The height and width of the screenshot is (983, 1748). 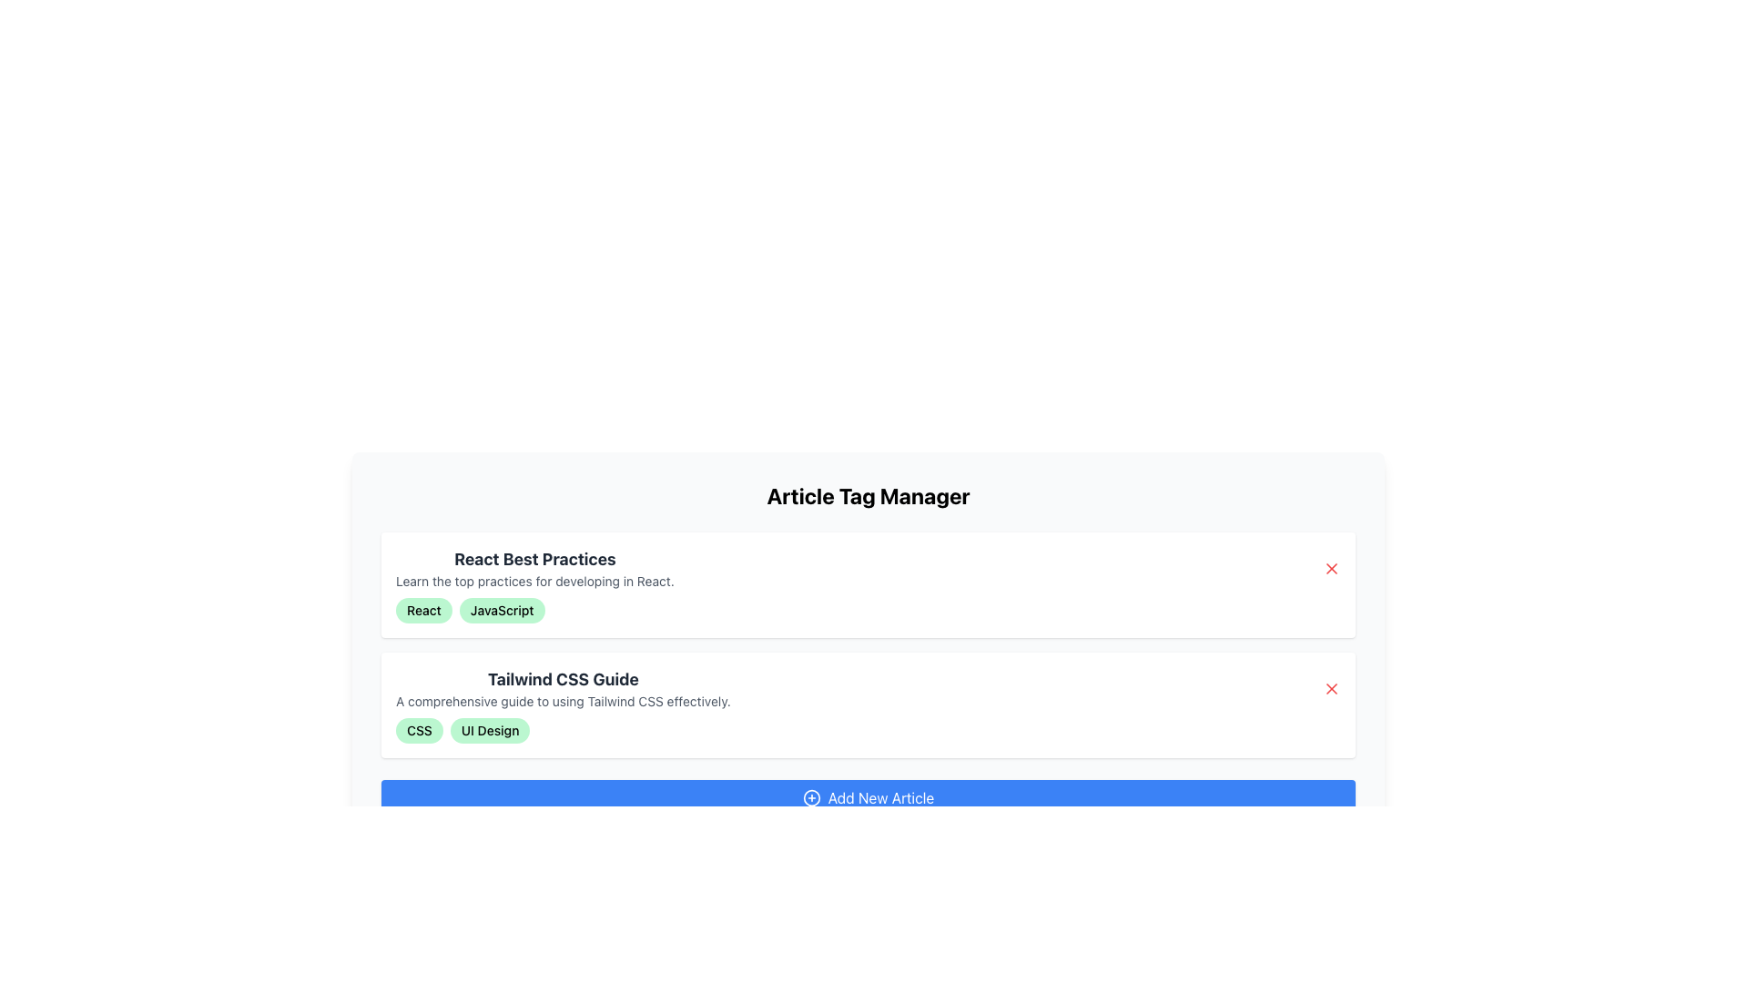 What do you see at coordinates (422, 611) in the screenshot?
I see `the non-interactive badge indicating 'React' located in the top-left portion of the badges under 'React Best Practices.'` at bounding box center [422, 611].